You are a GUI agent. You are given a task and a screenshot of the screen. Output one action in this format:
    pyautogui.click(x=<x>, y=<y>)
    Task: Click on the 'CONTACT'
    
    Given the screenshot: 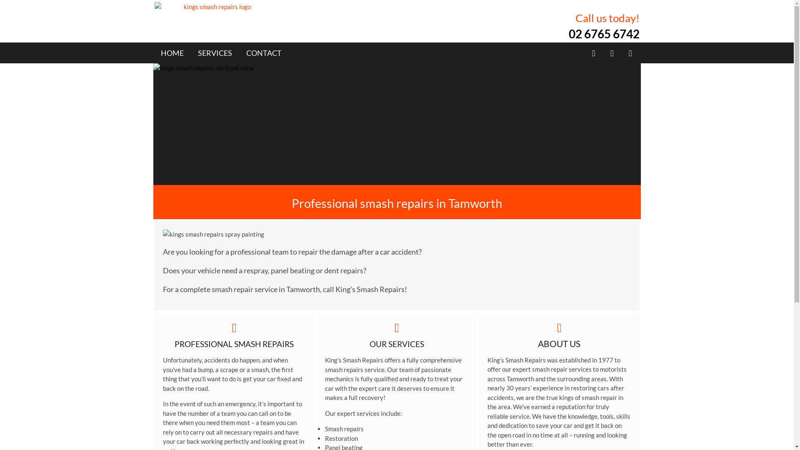 What is the action you would take?
    pyautogui.click(x=263, y=53)
    